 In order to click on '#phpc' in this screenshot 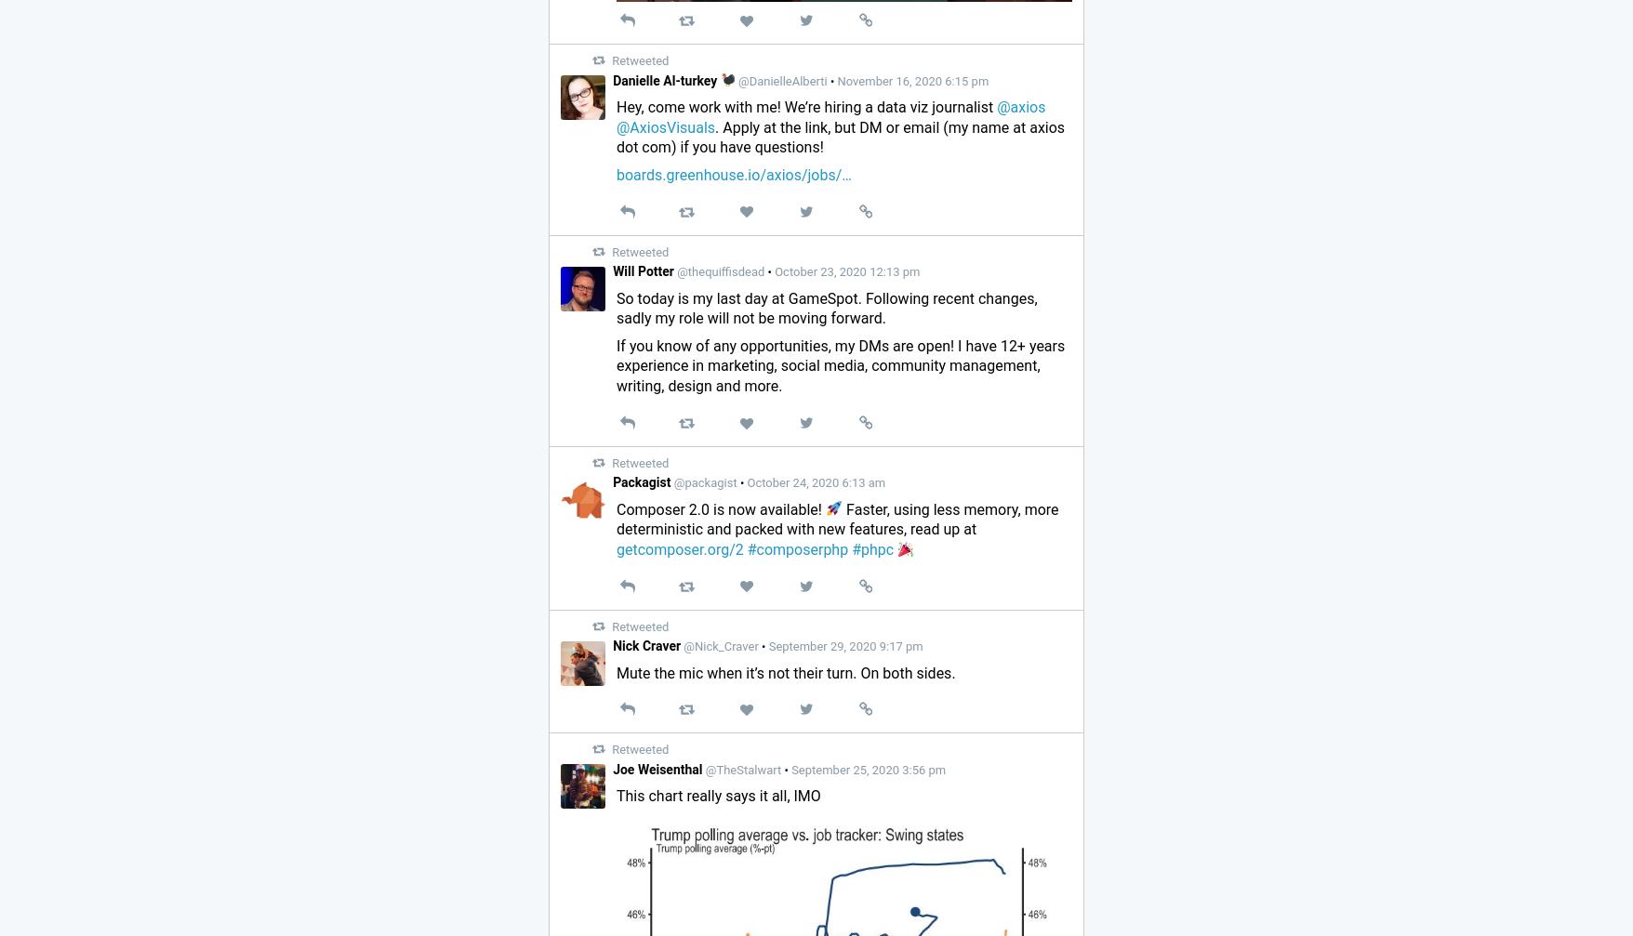, I will do `click(872, 547)`.